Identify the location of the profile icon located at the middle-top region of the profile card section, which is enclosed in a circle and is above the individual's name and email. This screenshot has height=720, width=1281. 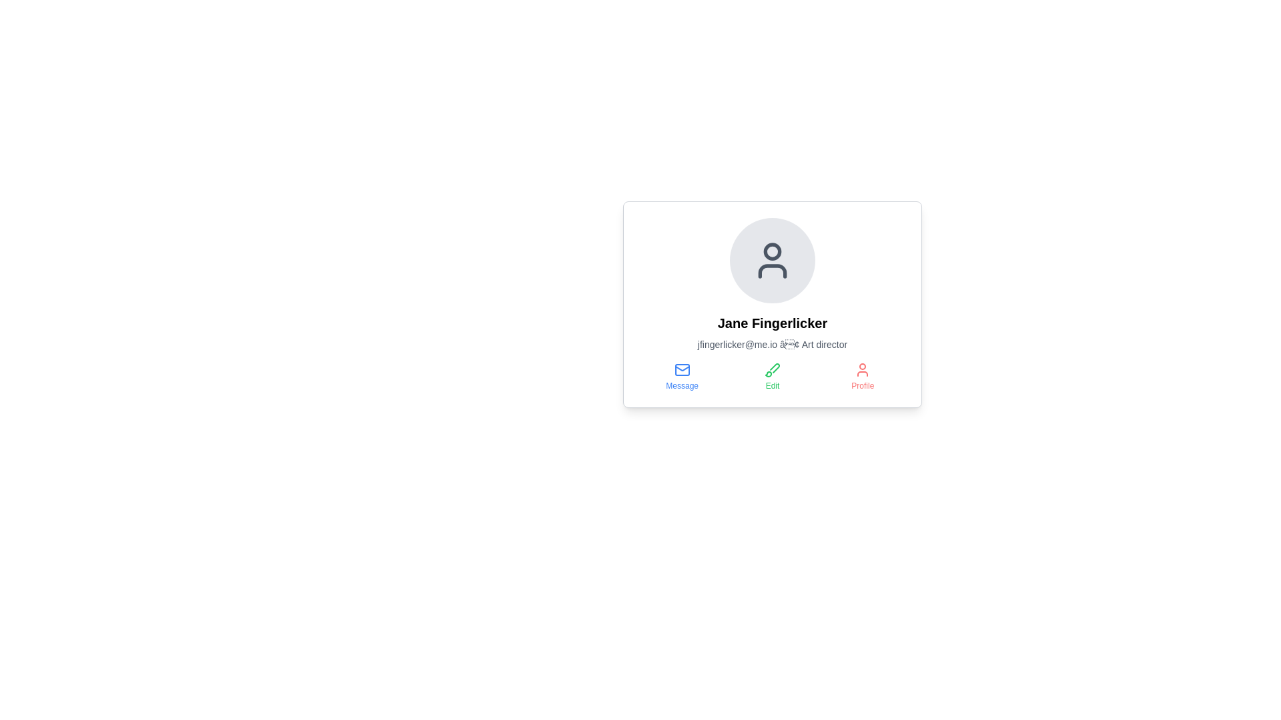
(772, 260).